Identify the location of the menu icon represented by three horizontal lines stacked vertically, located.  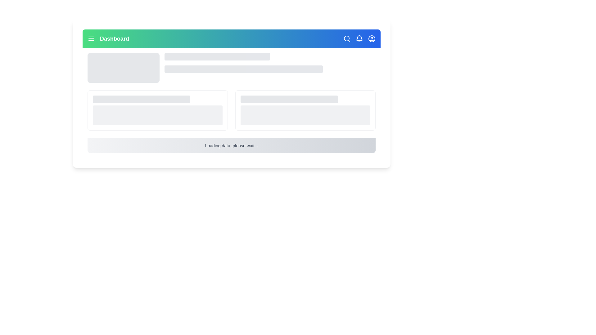
(91, 38).